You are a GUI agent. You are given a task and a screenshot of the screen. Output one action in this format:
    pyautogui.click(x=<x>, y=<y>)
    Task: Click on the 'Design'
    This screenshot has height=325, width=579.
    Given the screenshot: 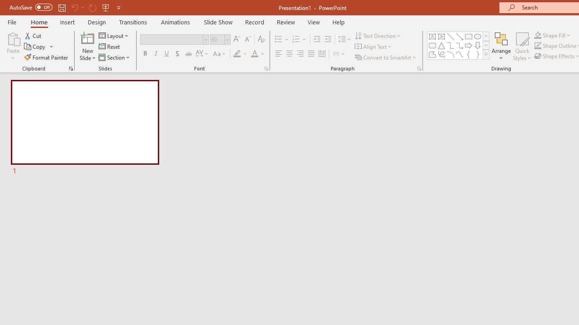 What is the action you would take?
    pyautogui.click(x=97, y=22)
    